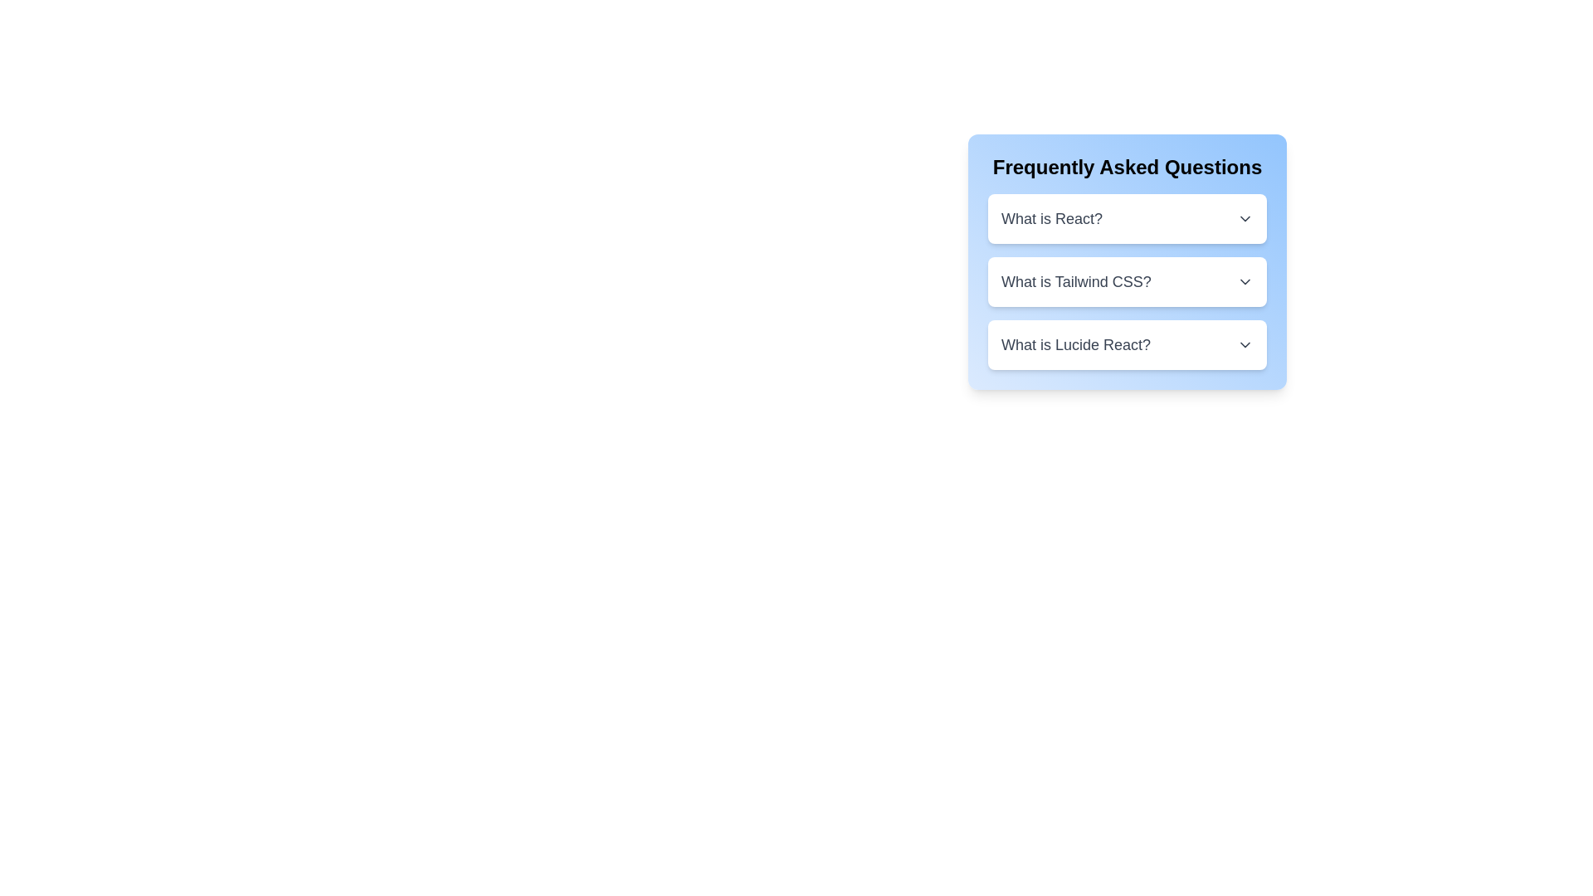 The height and width of the screenshot is (896, 1593). Describe the element at coordinates (1127, 261) in the screenshot. I see `the second collapsible menu item in the FAQ section` at that location.